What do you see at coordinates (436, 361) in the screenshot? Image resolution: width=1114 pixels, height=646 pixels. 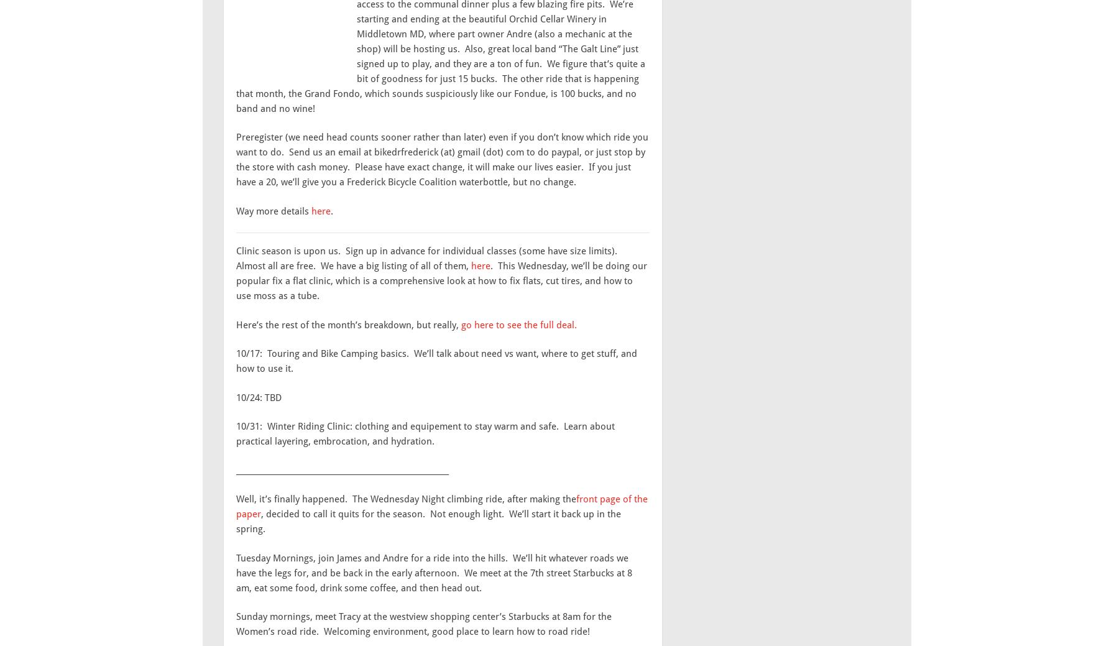 I see `'10/17:  Touring and Bike Camping basics.  We’ll talk about need vs want, where to get stuff, and how to use it.'` at bounding box center [436, 361].